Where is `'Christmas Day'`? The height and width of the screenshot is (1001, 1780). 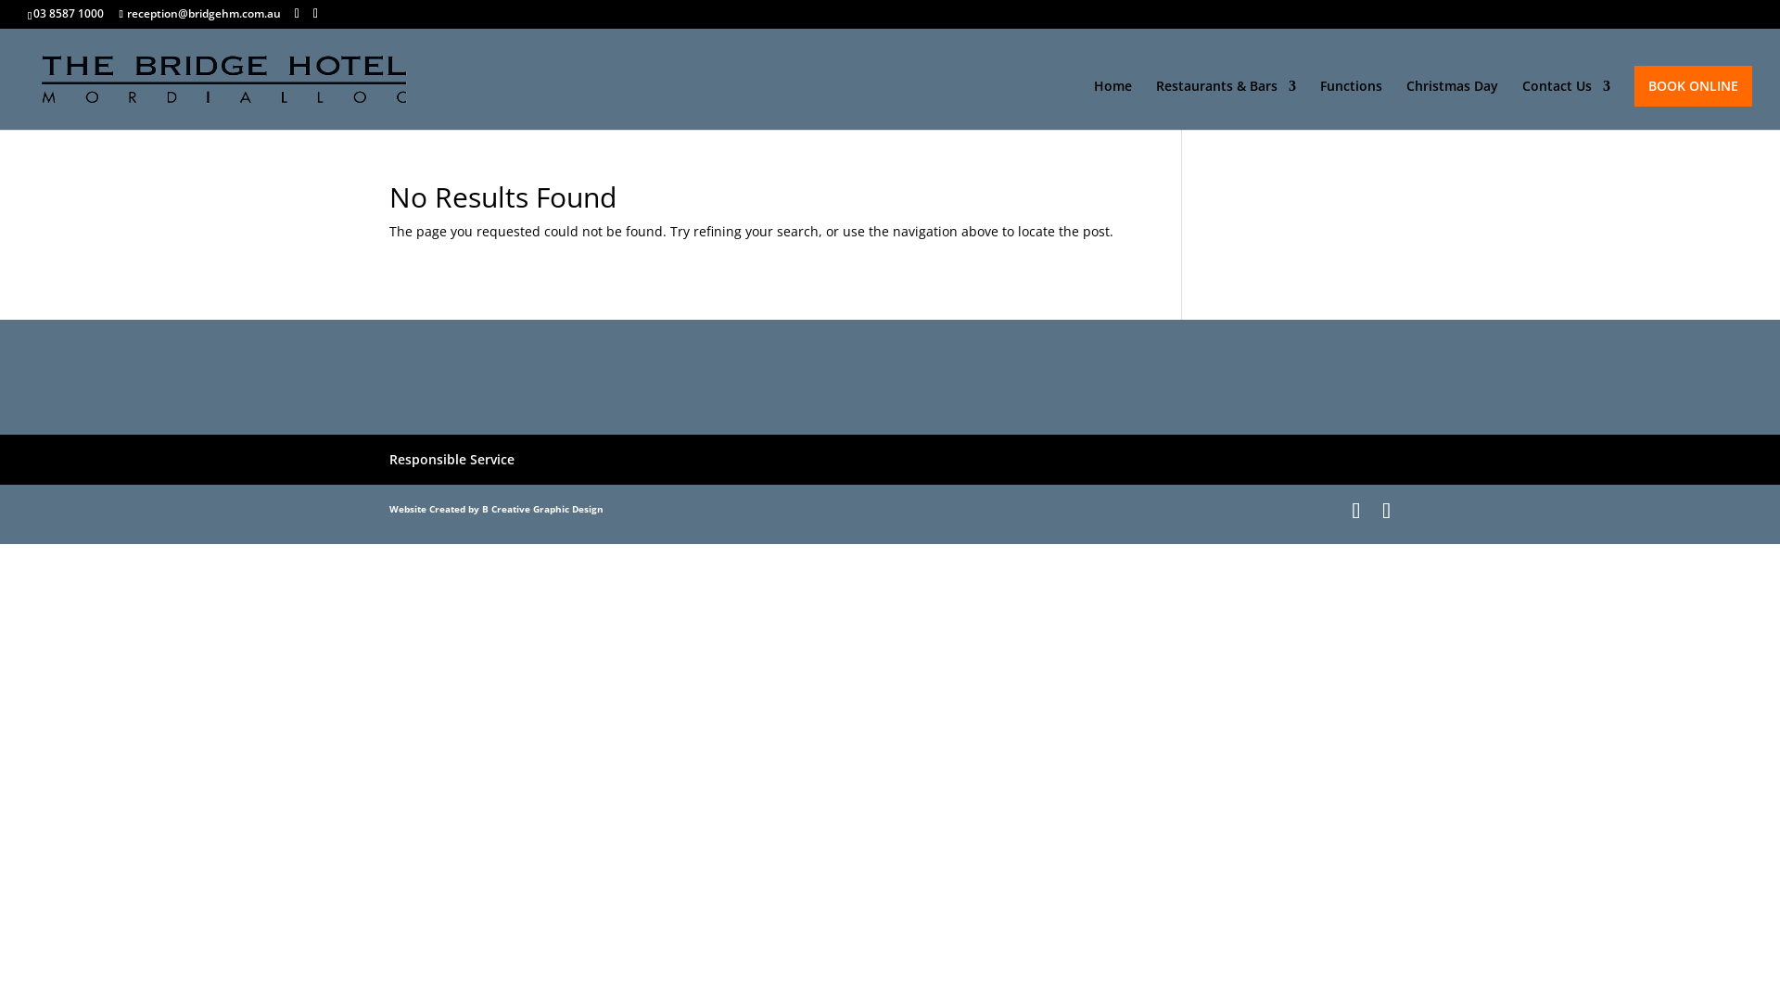
'Christmas Day' is located at coordinates (1405, 104).